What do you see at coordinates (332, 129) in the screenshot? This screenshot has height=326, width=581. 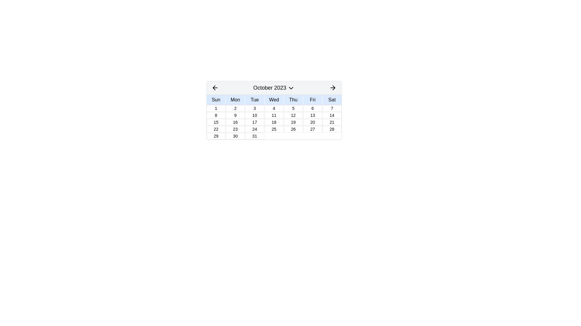 I see `the Text Display showing '28' in black font on a white background, located in the Saturday column of the calendar grid` at bounding box center [332, 129].